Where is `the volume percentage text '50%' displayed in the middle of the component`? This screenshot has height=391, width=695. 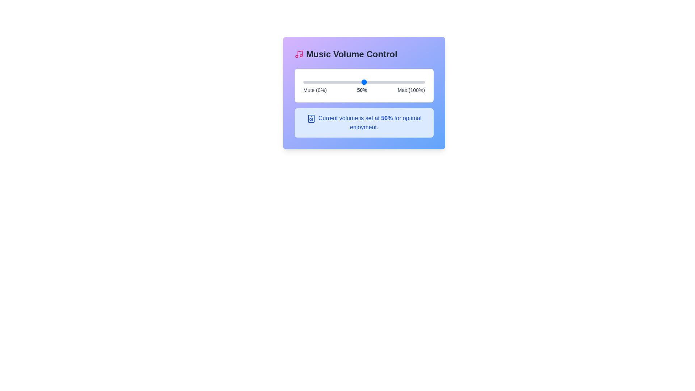 the volume percentage text '50%' displayed in the middle of the component is located at coordinates (362, 90).